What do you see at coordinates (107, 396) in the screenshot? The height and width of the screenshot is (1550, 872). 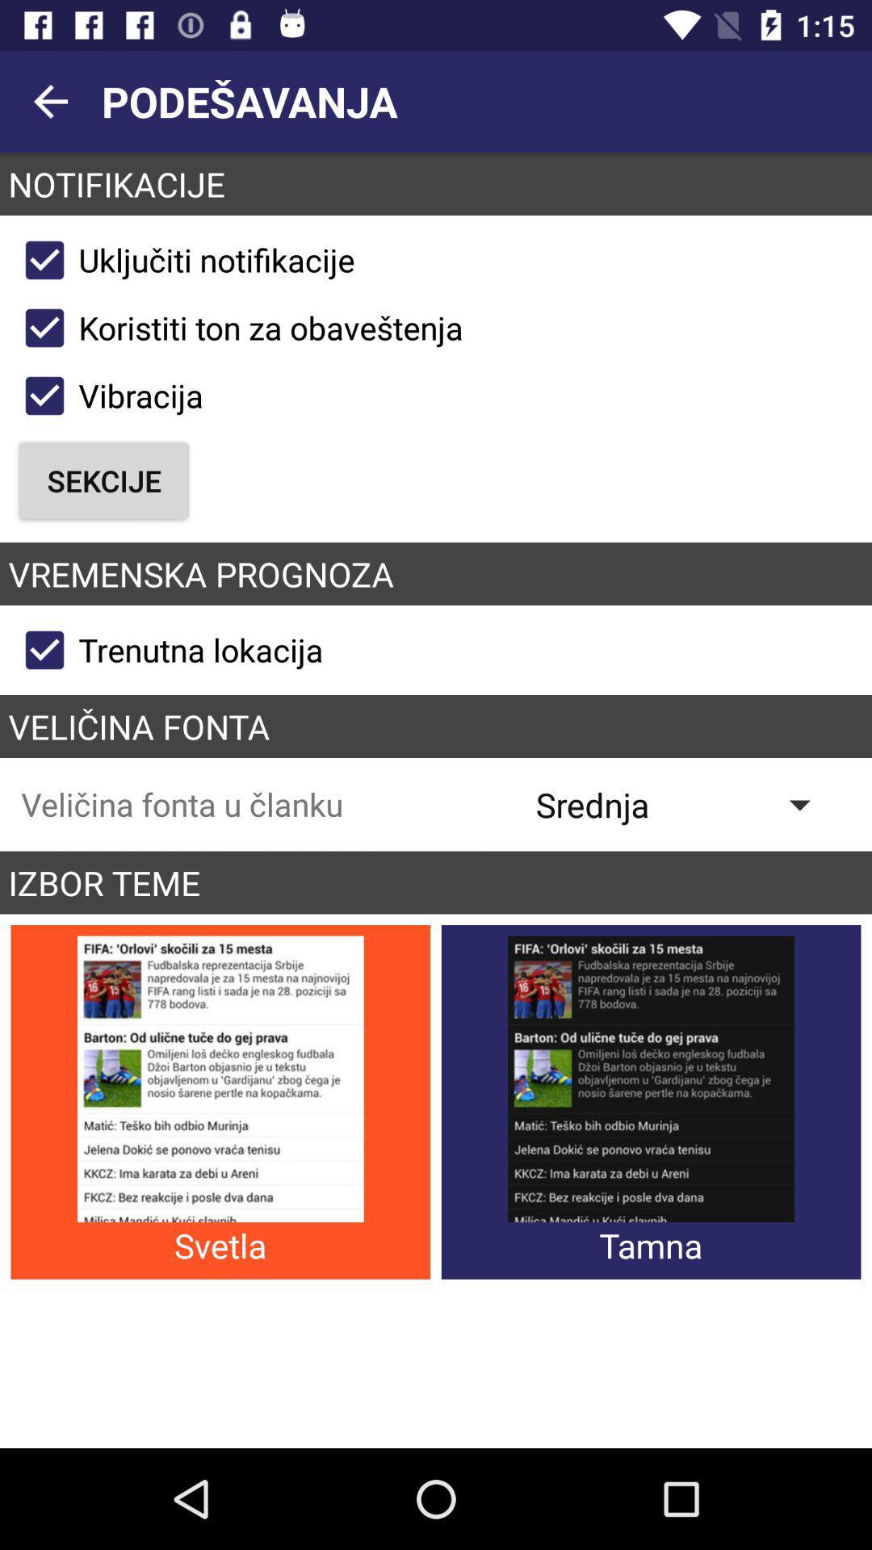 I see `the text above sekcije` at bounding box center [107, 396].